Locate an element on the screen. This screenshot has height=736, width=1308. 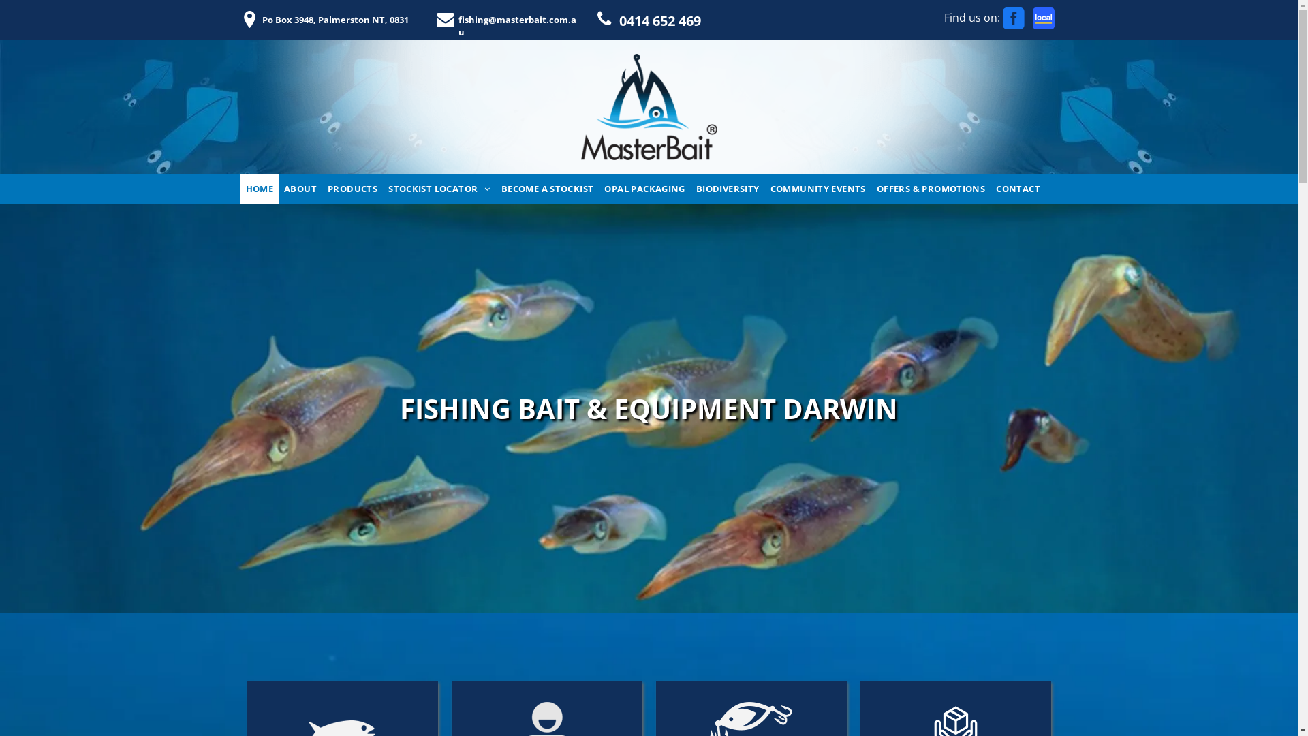
'CONTACT' is located at coordinates (1018, 189).